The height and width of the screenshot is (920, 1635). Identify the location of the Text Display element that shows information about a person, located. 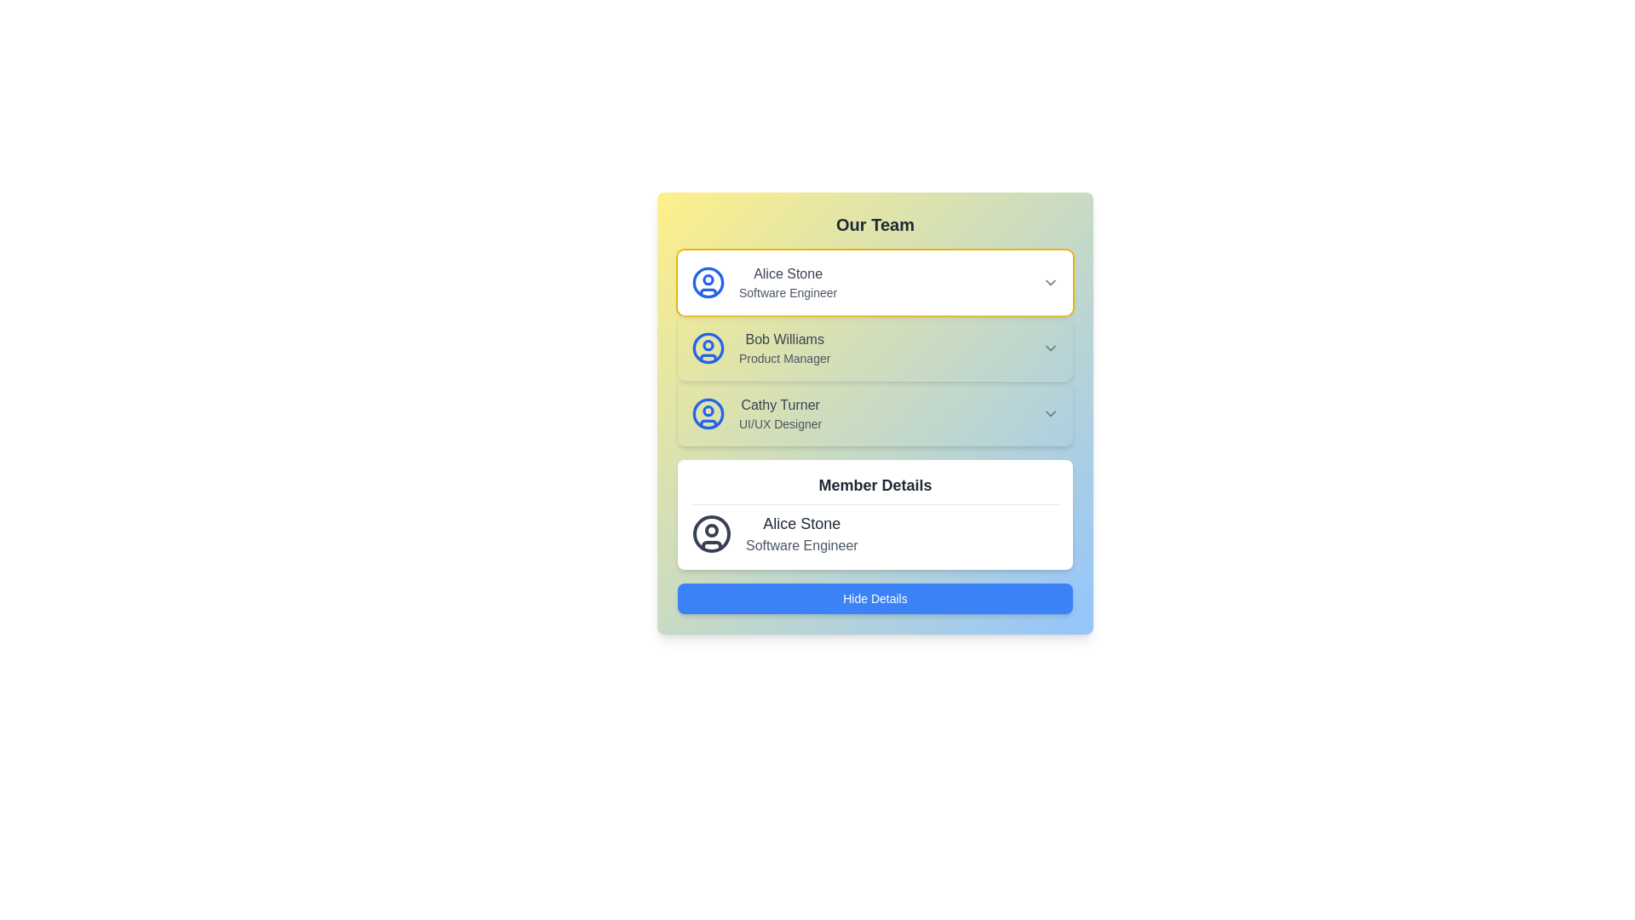
(800, 533).